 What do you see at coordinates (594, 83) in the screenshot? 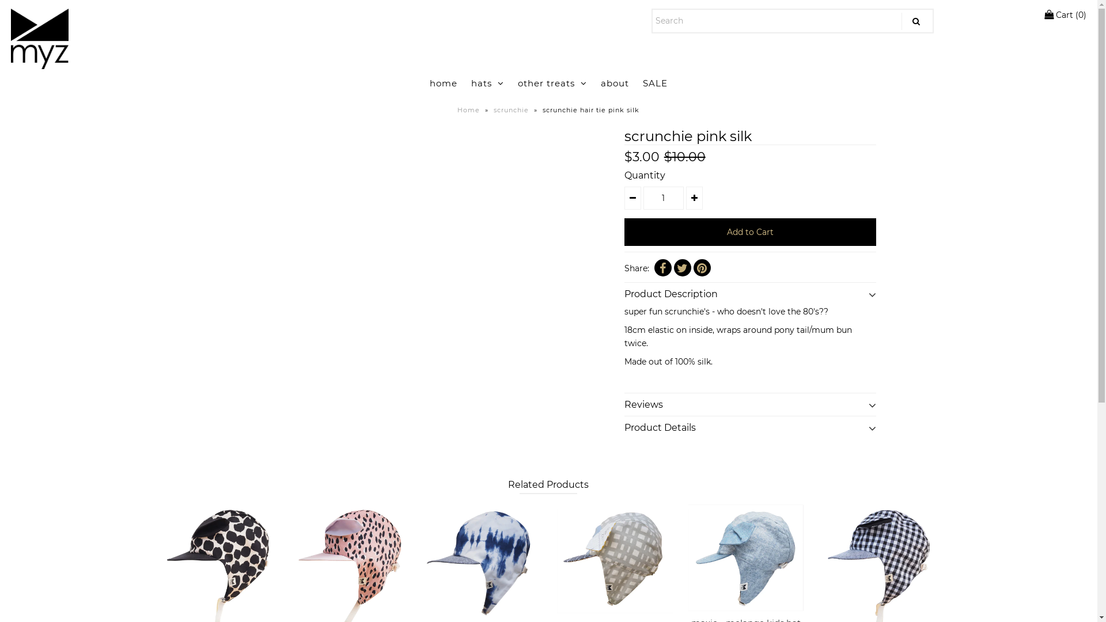
I see `'about'` at bounding box center [594, 83].